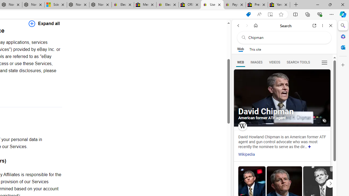 Image resolution: width=349 pixels, height=196 pixels. Describe the element at coordinates (240, 49) in the screenshot. I see `'Web scope'` at that location.